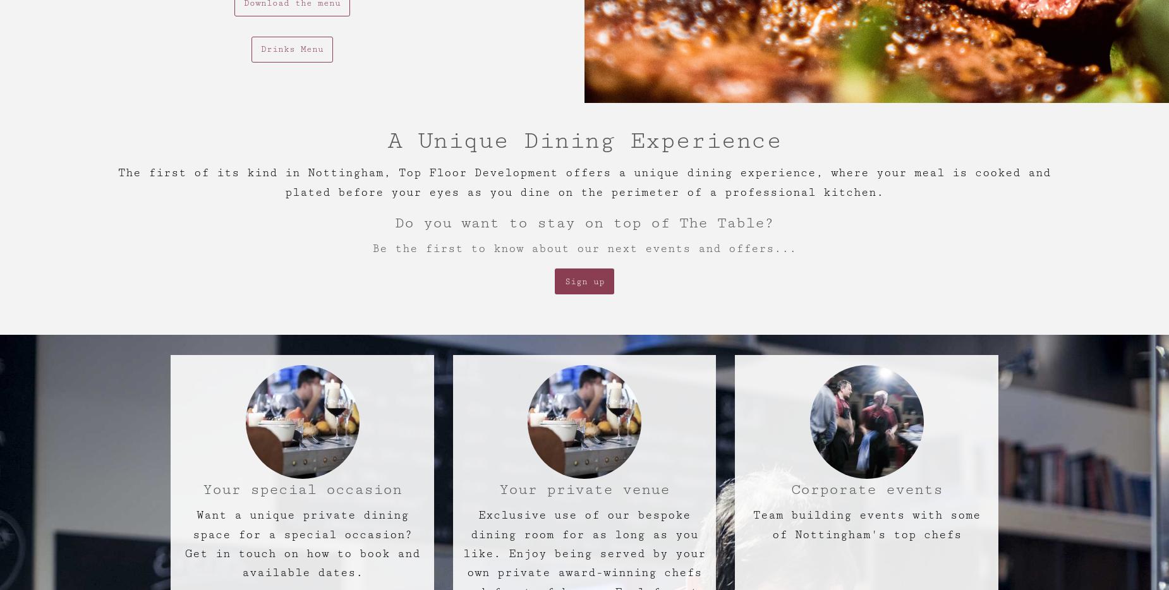  What do you see at coordinates (291, 49) in the screenshot?
I see `'Drinks Menu'` at bounding box center [291, 49].